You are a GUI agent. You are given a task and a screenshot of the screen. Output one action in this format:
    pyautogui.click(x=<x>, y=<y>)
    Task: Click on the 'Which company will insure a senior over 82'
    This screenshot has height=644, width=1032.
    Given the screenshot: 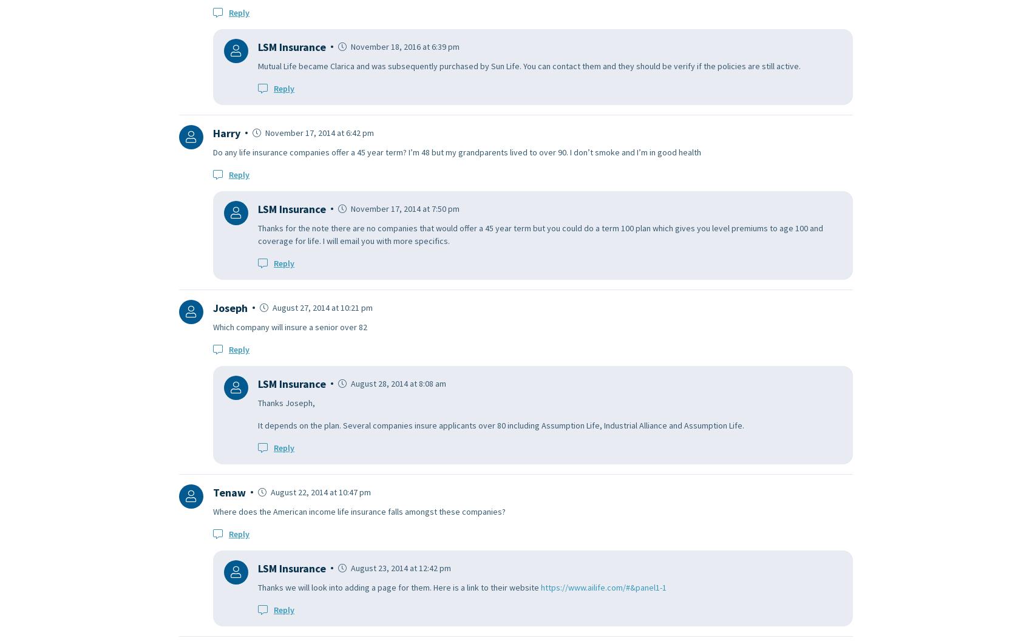 What is the action you would take?
    pyautogui.click(x=290, y=326)
    